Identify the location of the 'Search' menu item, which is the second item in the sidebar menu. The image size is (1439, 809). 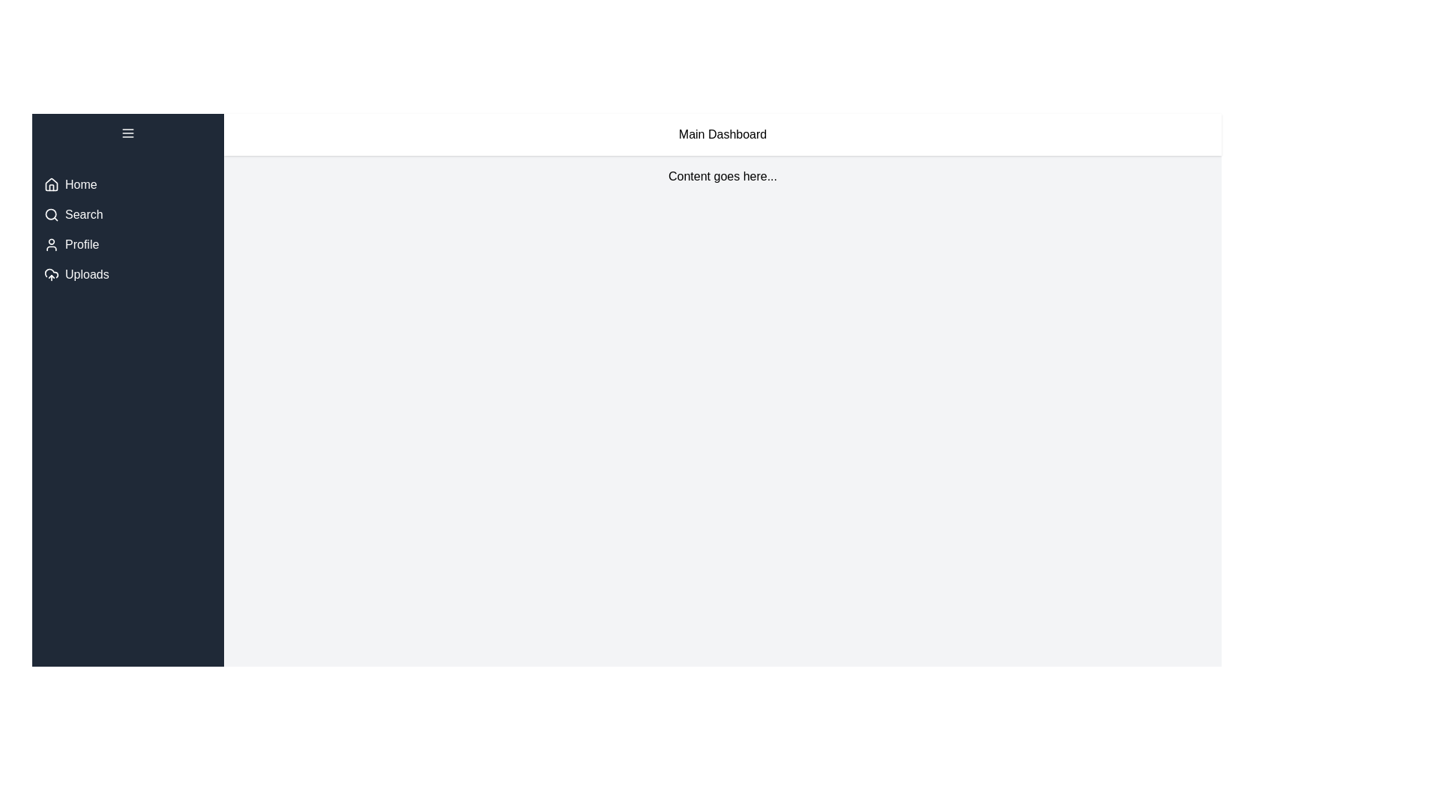
(128, 214).